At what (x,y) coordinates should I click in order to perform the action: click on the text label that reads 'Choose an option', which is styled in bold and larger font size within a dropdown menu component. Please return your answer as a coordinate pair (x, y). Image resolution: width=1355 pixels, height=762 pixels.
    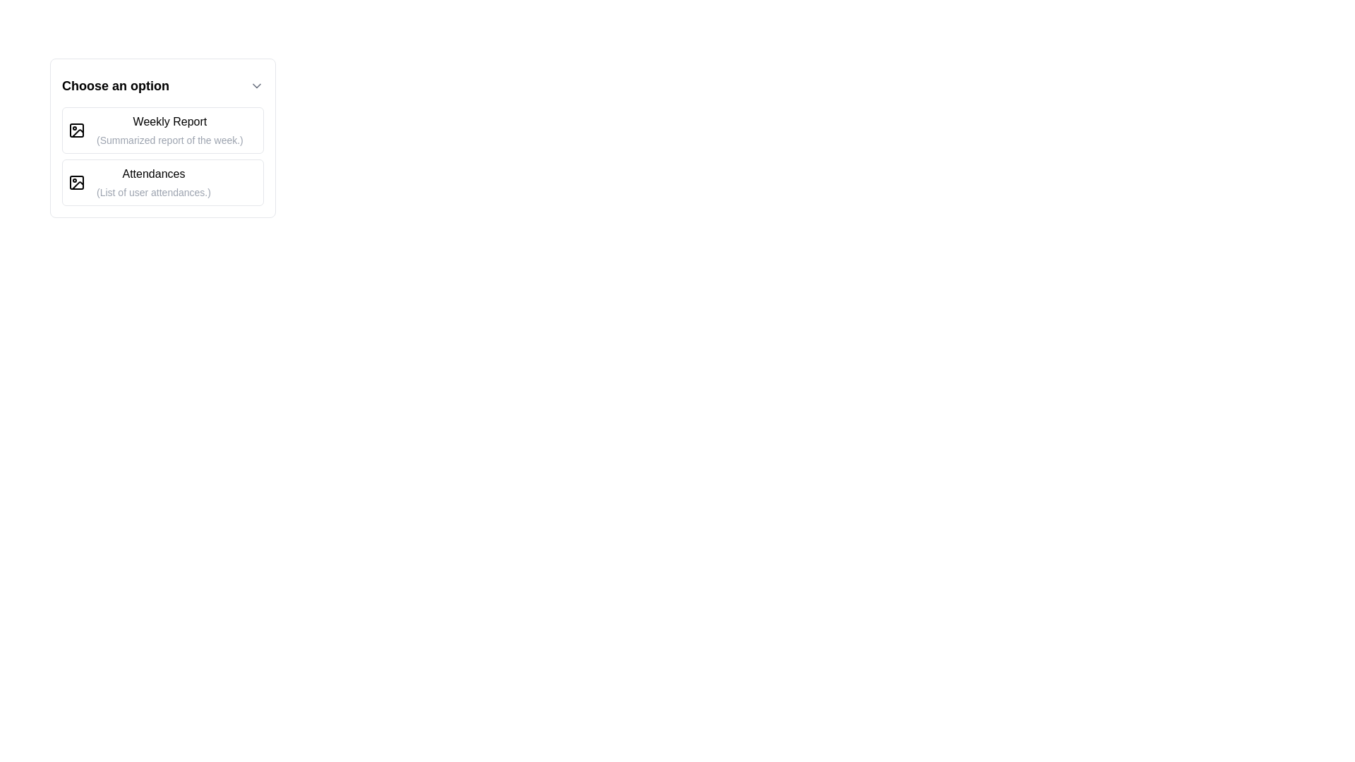
    Looking at the image, I should click on (115, 86).